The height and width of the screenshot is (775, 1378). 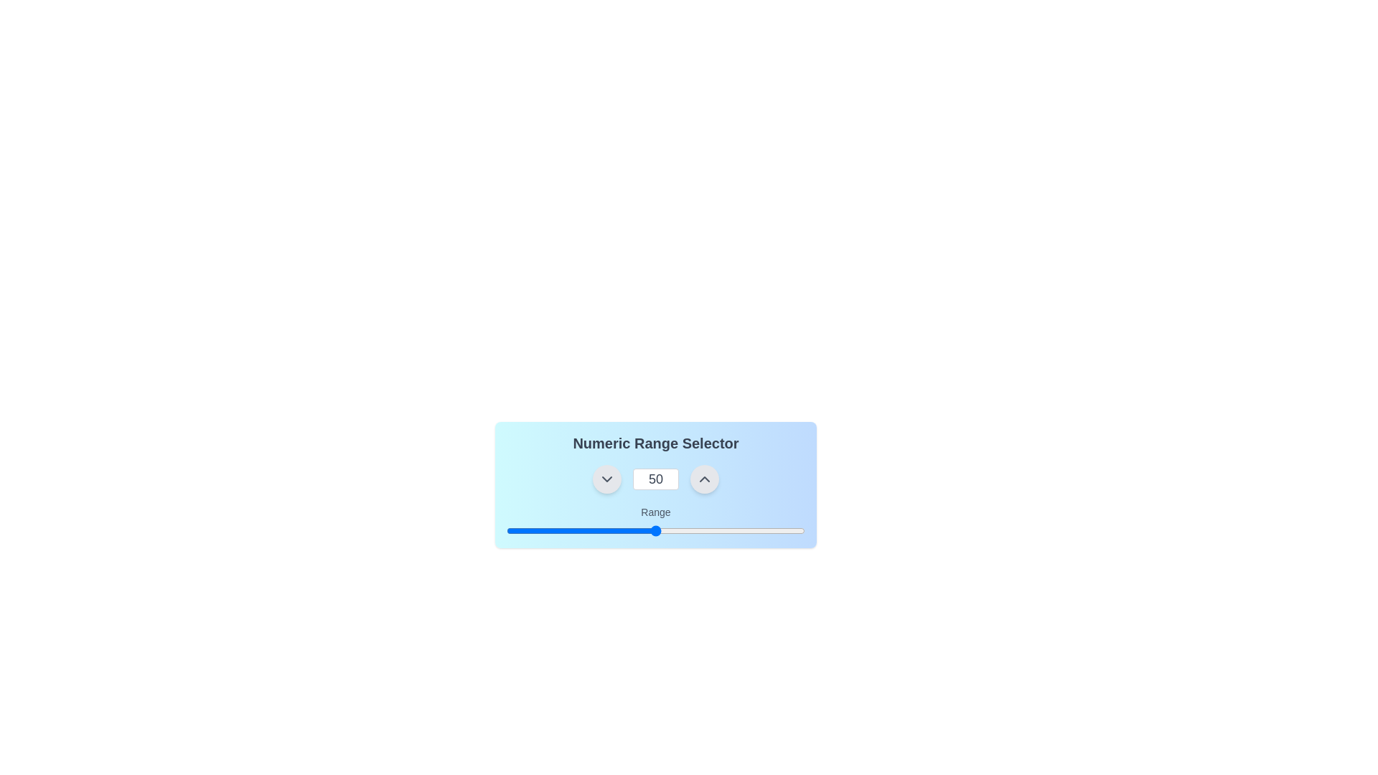 What do you see at coordinates (548, 531) in the screenshot?
I see `the slider` at bounding box center [548, 531].